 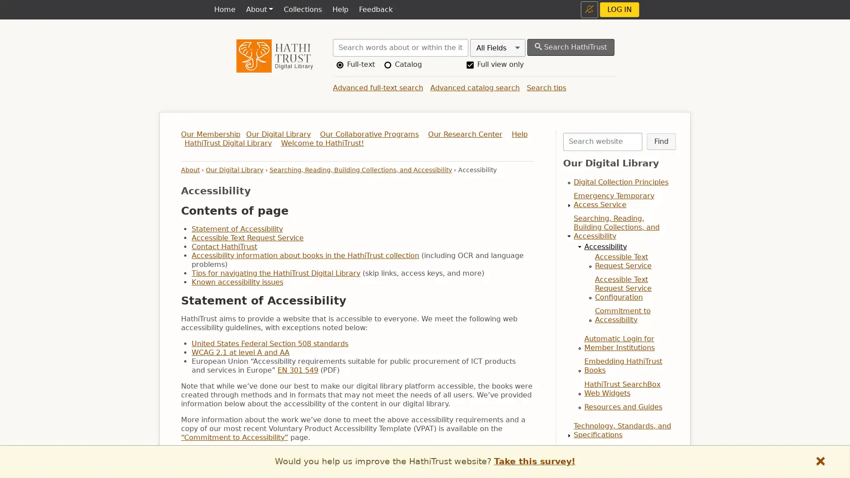 I want to click on About, so click(x=259, y=10).